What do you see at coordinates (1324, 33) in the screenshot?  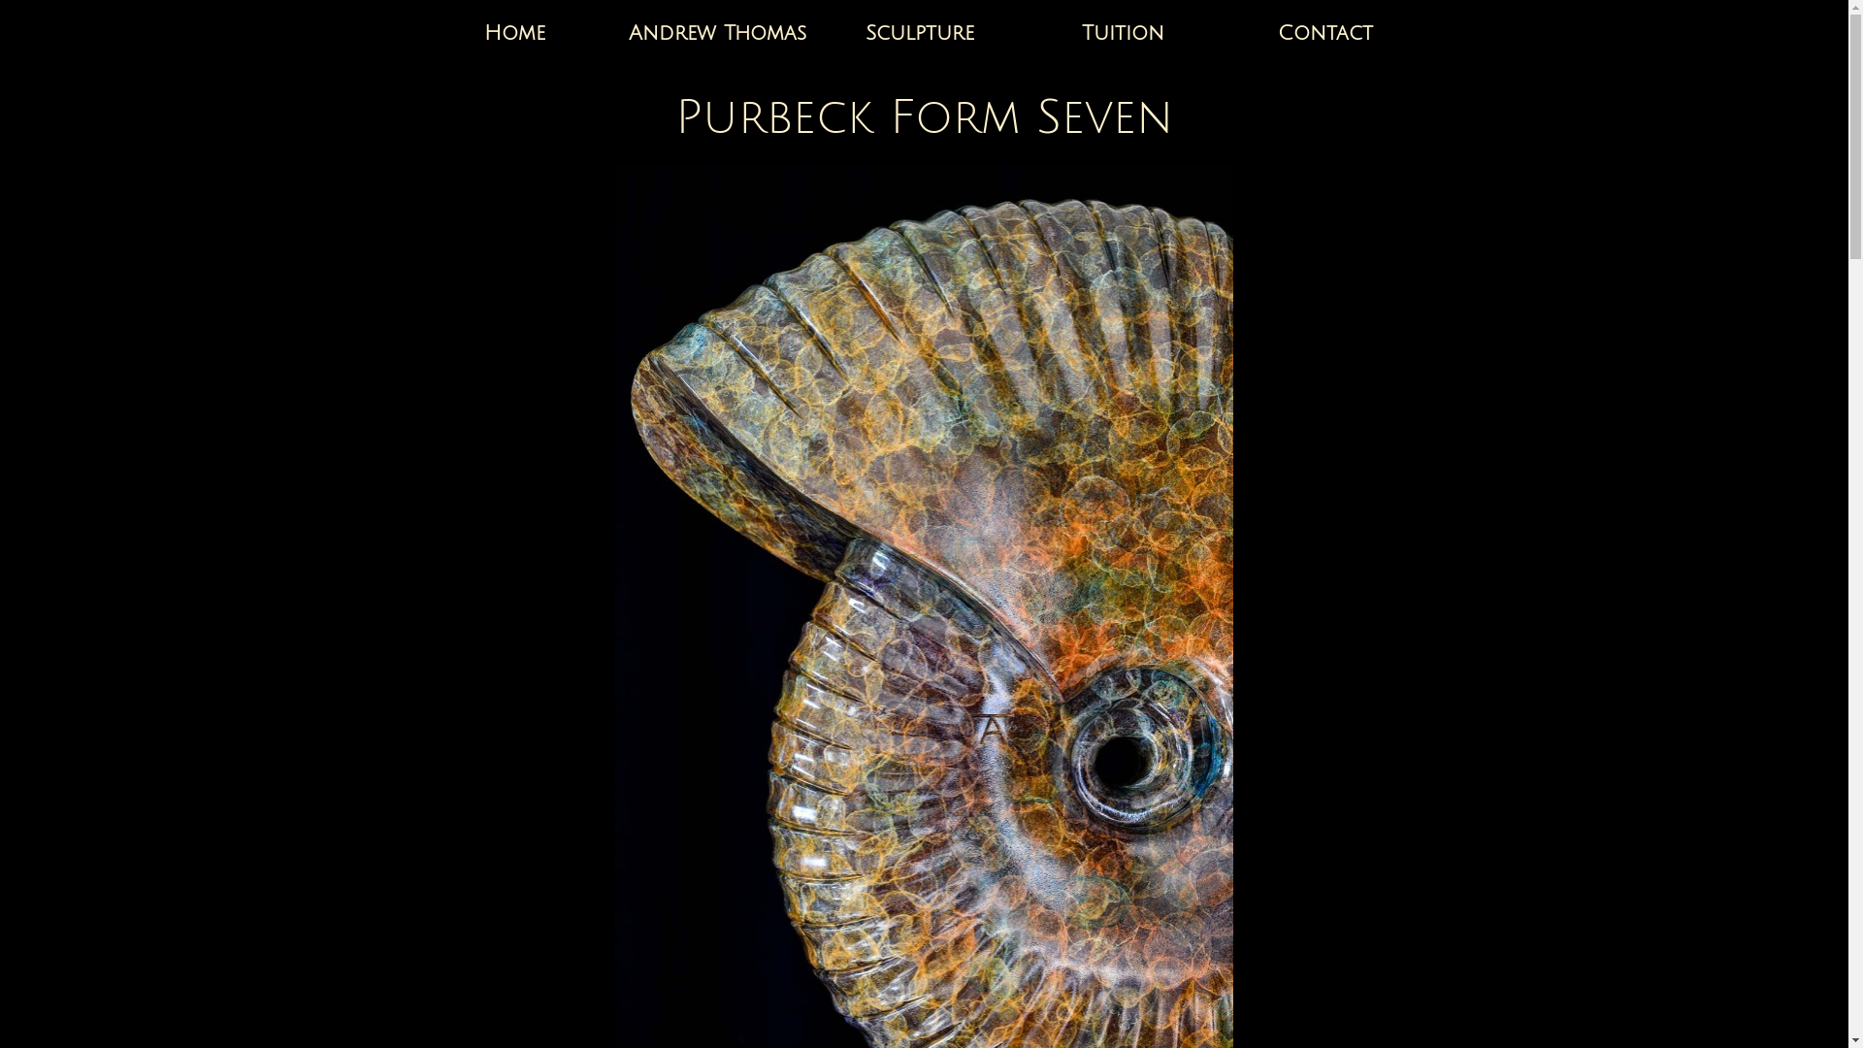 I see `'Contact'` at bounding box center [1324, 33].